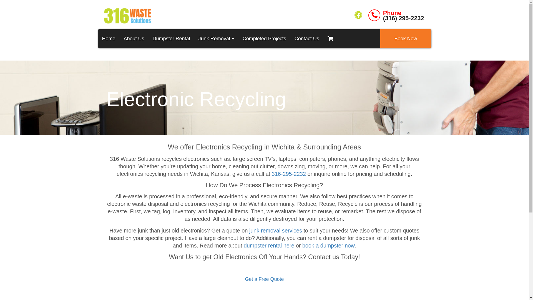  Describe the element at coordinates (289, 173) in the screenshot. I see `'316-295-2232'` at that location.